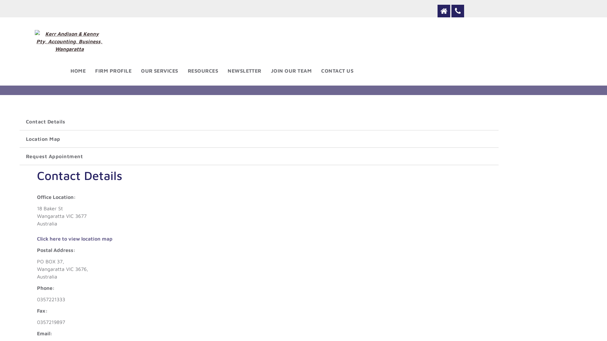 The height and width of the screenshot is (341, 607). I want to click on 'CONTACT US', so click(337, 70).